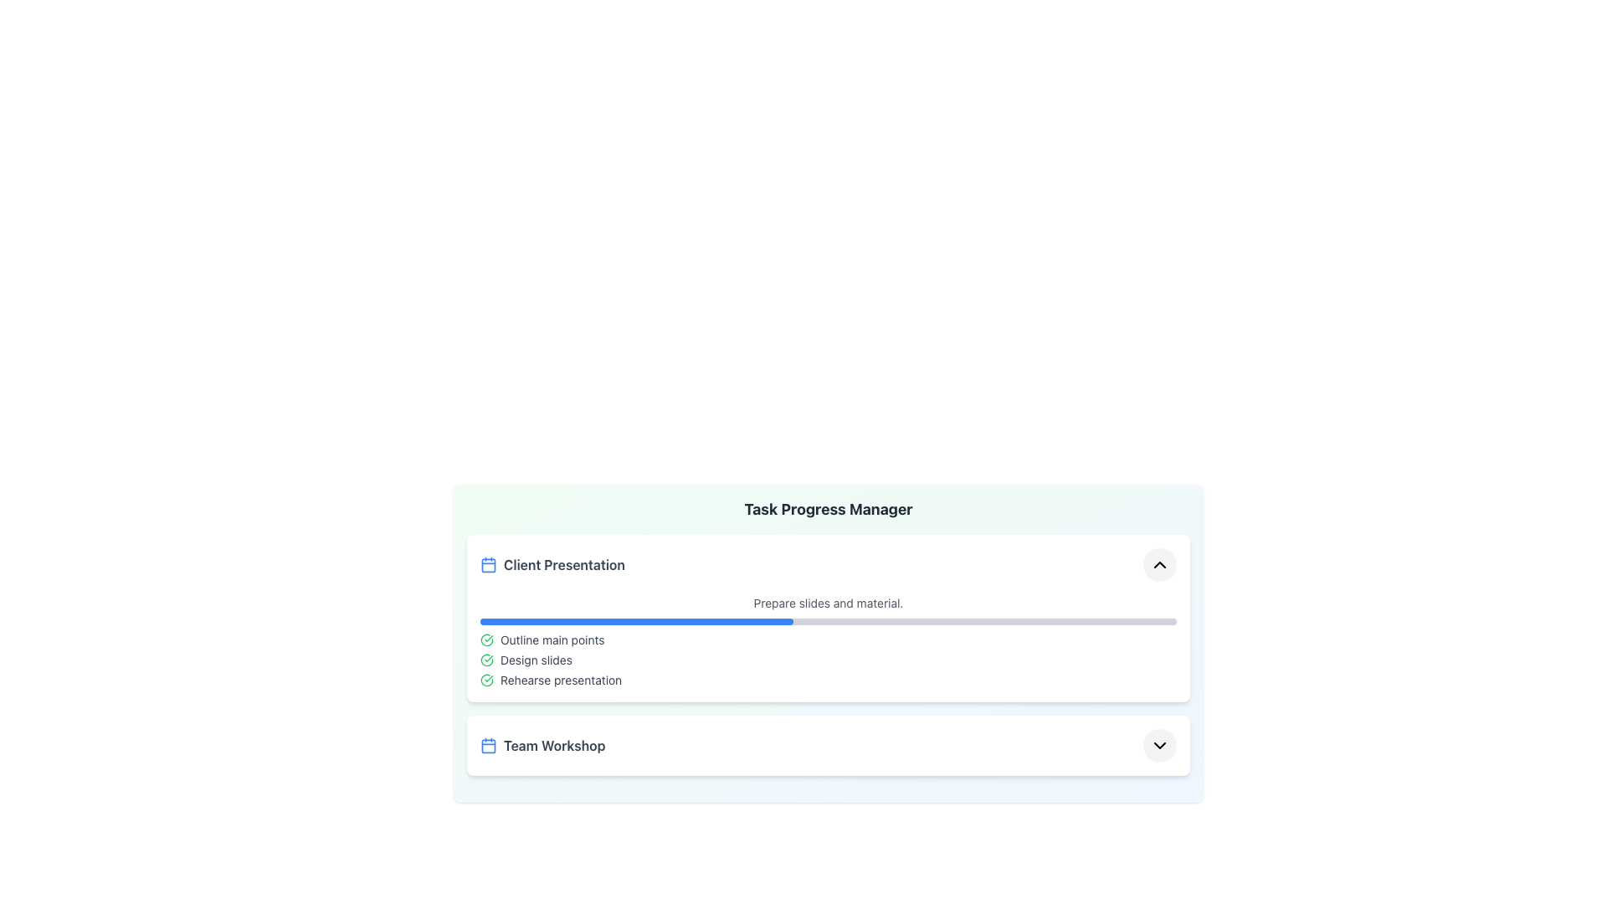 The height and width of the screenshot is (904, 1607). What do you see at coordinates (828, 604) in the screenshot?
I see `the text label that reads 'Prepare slides and material.', which is styled in gray color and is located above a progress bar within the 'Client Presentation' task section` at bounding box center [828, 604].